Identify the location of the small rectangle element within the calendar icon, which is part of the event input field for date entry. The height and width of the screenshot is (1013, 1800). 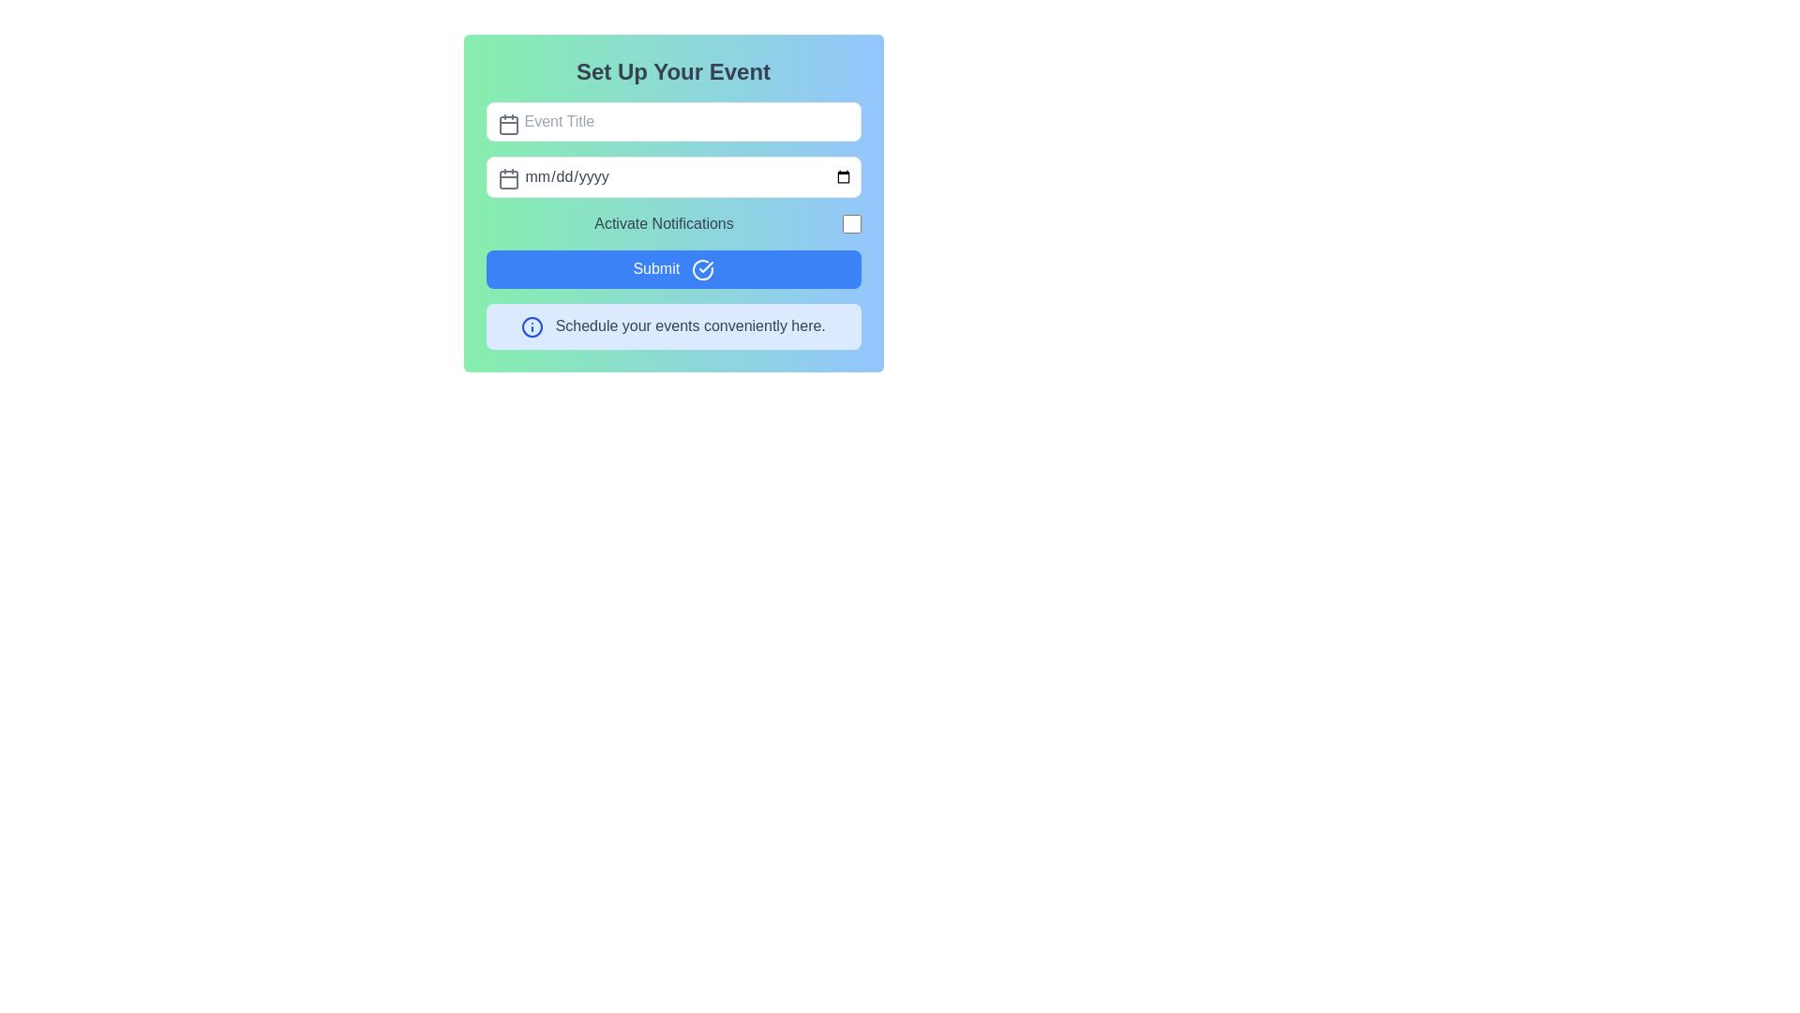
(508, 180).